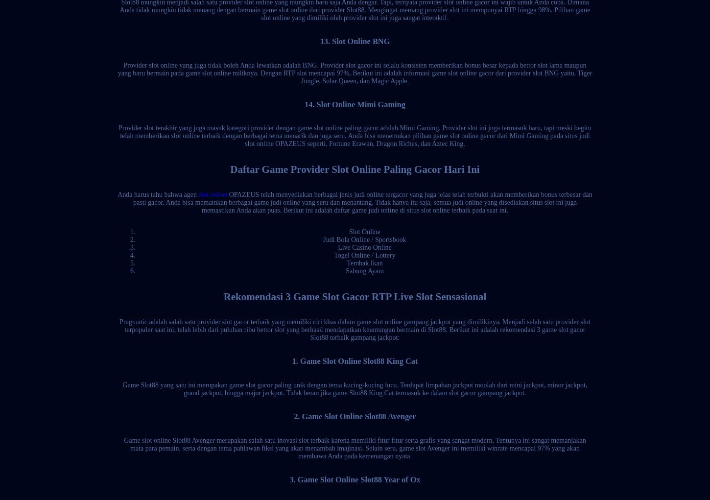 This screenshot has height=500, width=710. I want to click on 'Anda harus tahu bahwa agen', so click(158, 194).